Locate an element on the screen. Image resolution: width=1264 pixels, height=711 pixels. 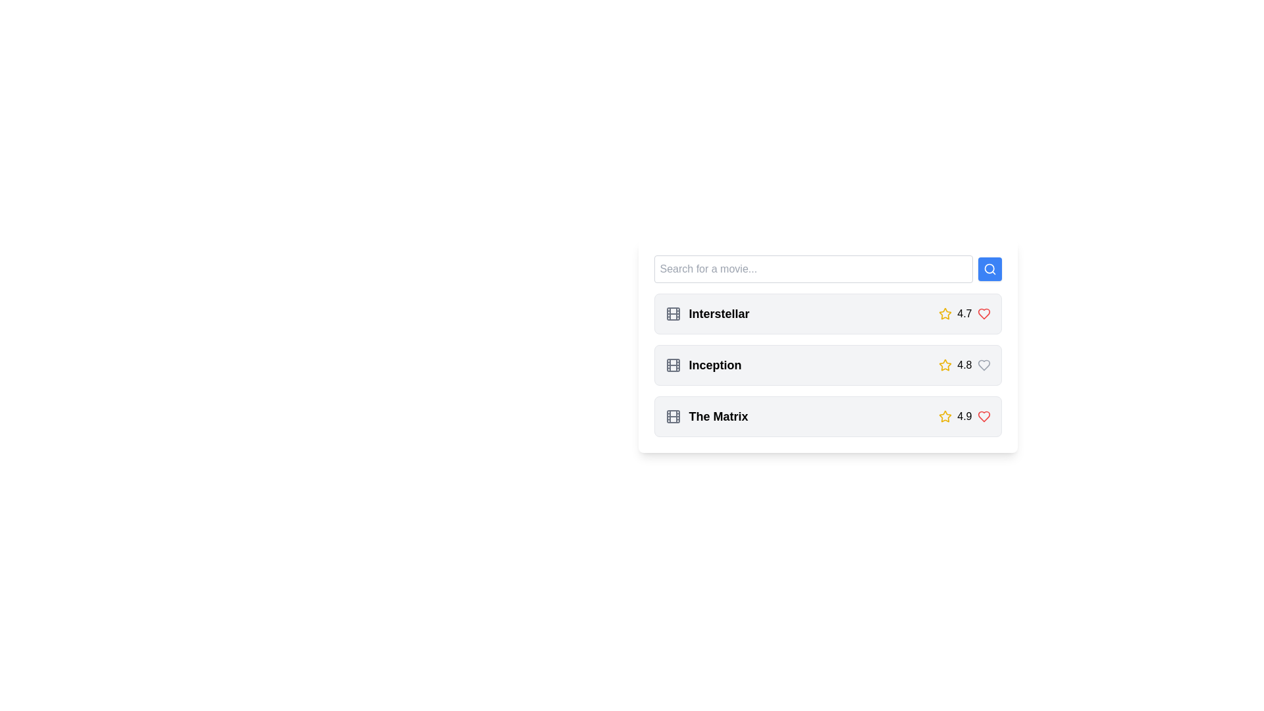
the graphical icon element located at the top-left corner of the filmstrip icon next to the text 'Interstellar' is located at coordinates (673, 314).